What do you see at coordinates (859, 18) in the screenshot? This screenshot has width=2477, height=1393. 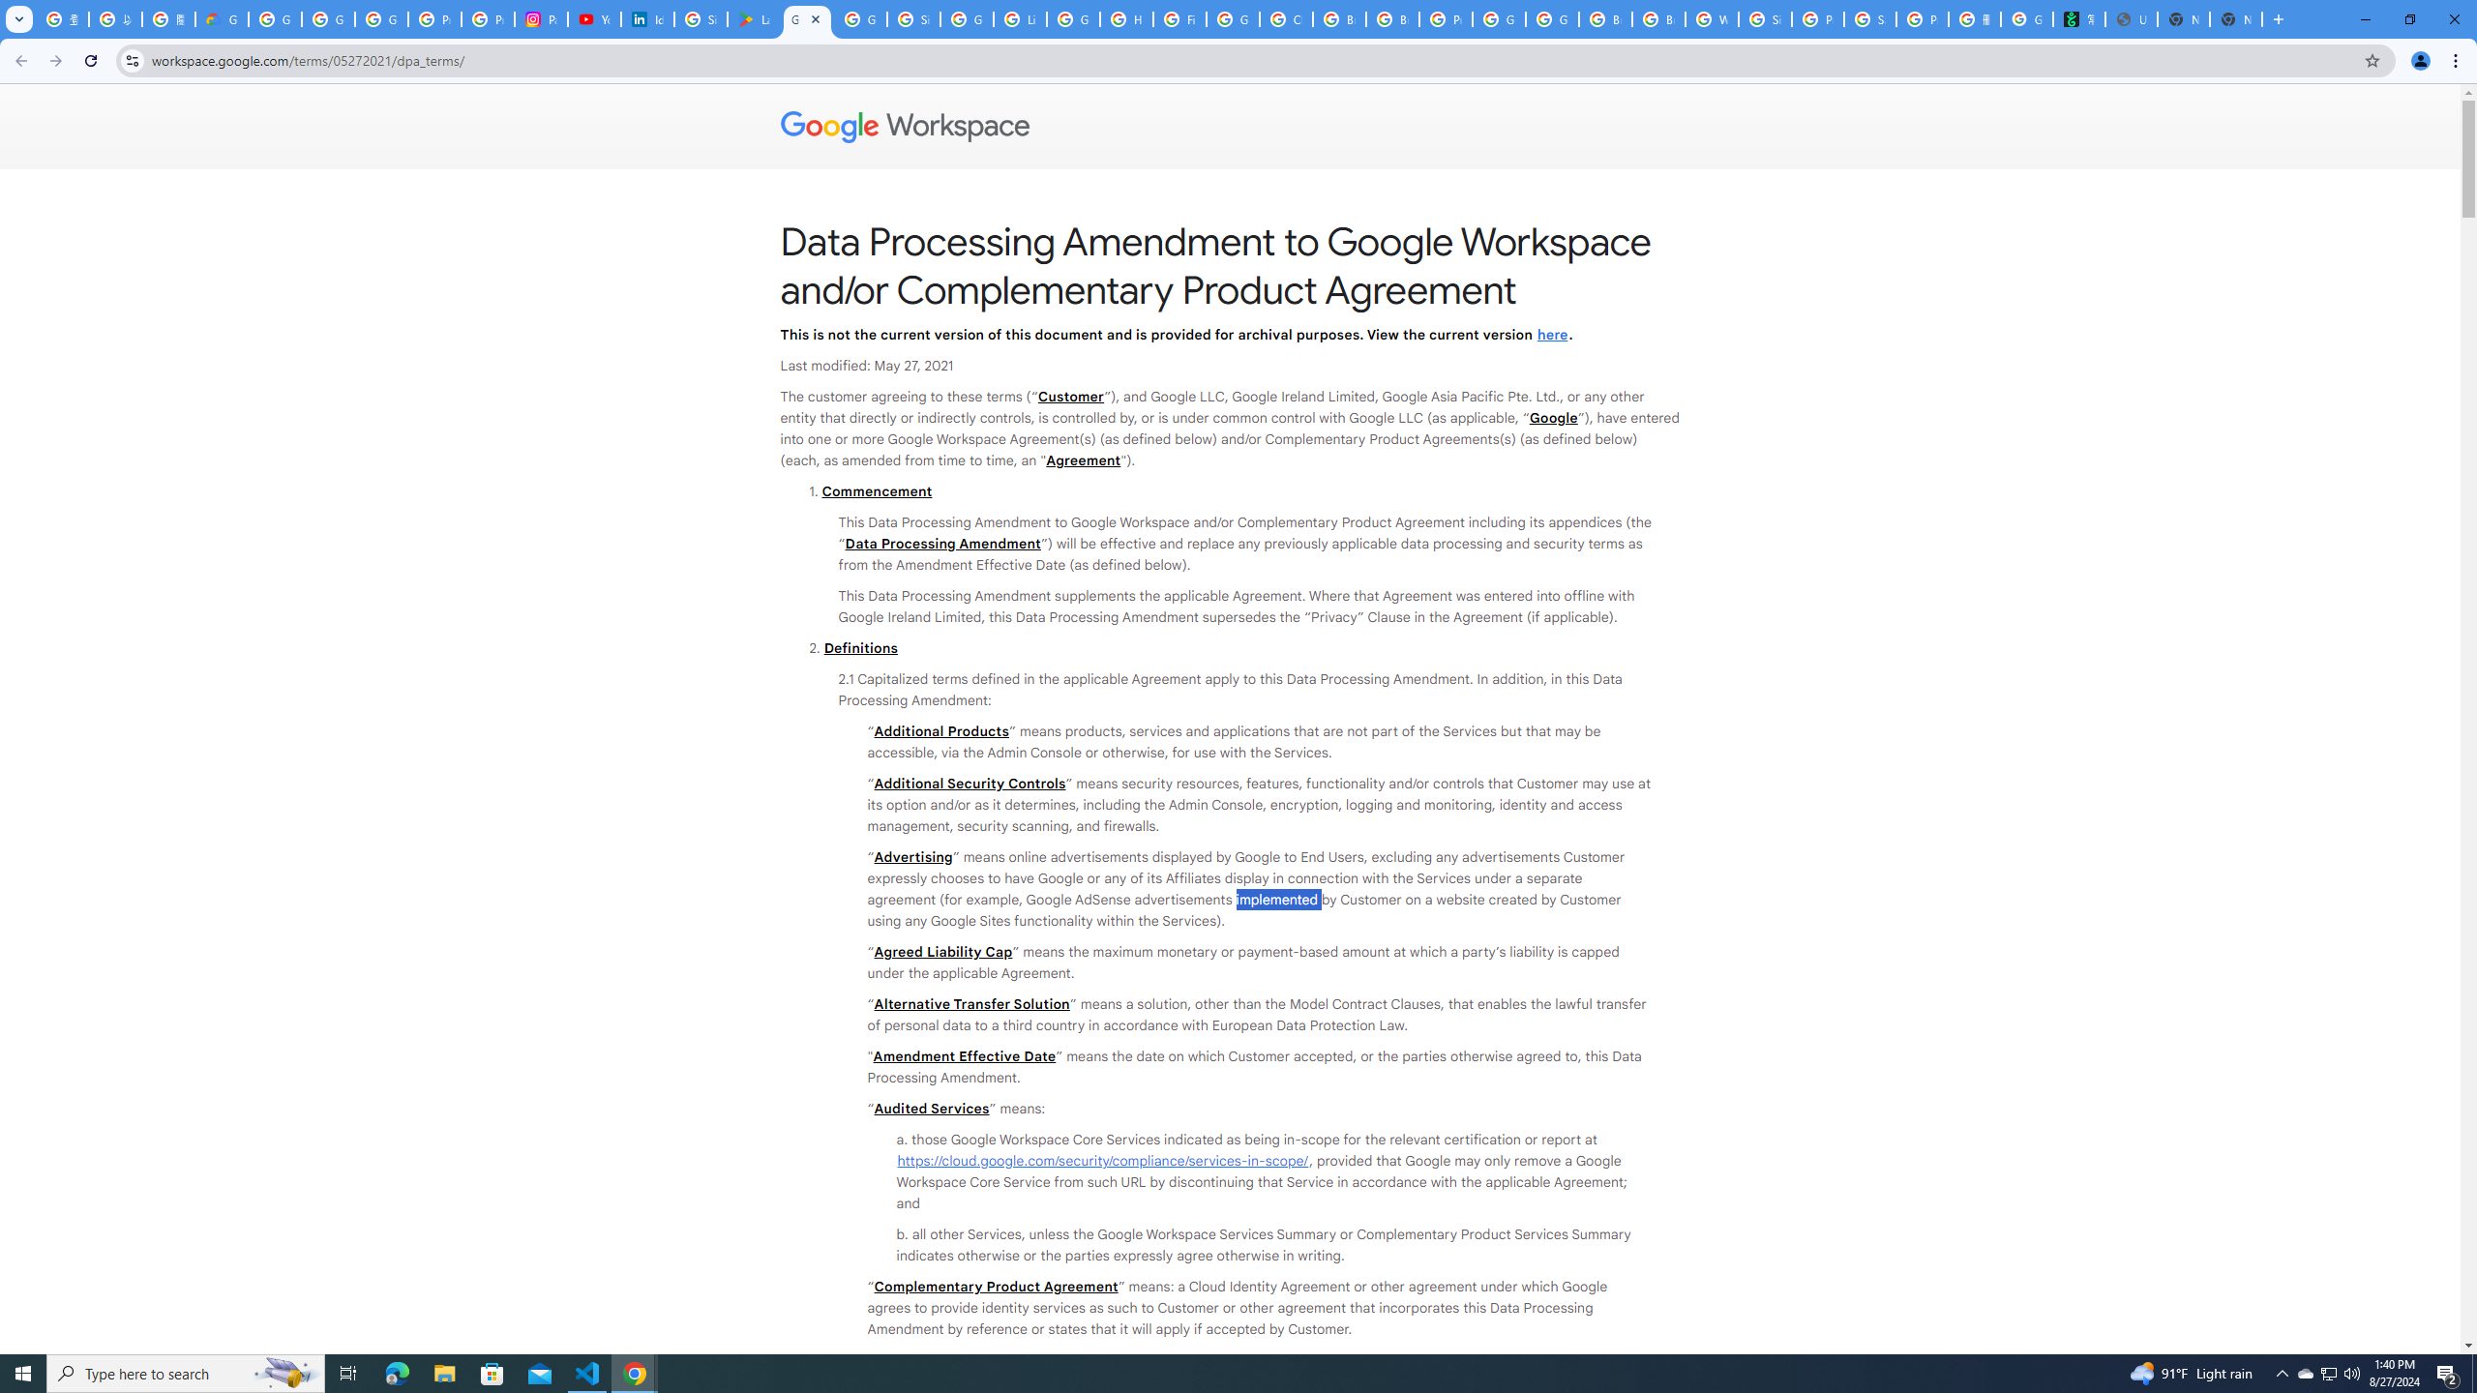 I see `'Google Workspace - Specific Terms'` at bounding box center [859, 18].